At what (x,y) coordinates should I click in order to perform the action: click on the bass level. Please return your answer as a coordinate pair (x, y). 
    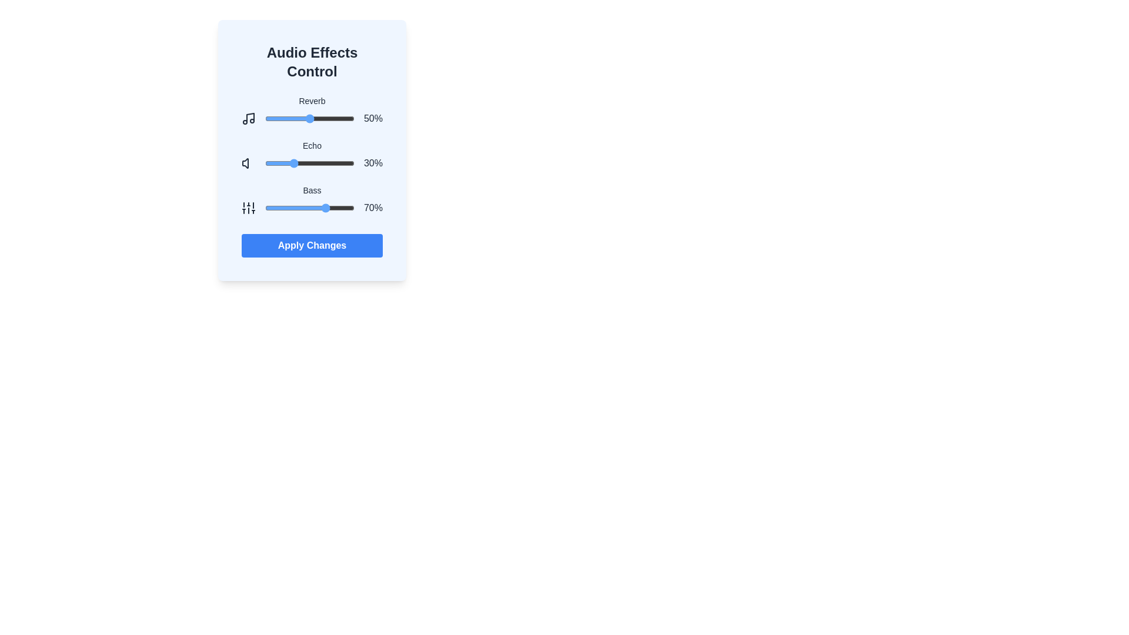
    Looking at the image, I should click on (270, 208).